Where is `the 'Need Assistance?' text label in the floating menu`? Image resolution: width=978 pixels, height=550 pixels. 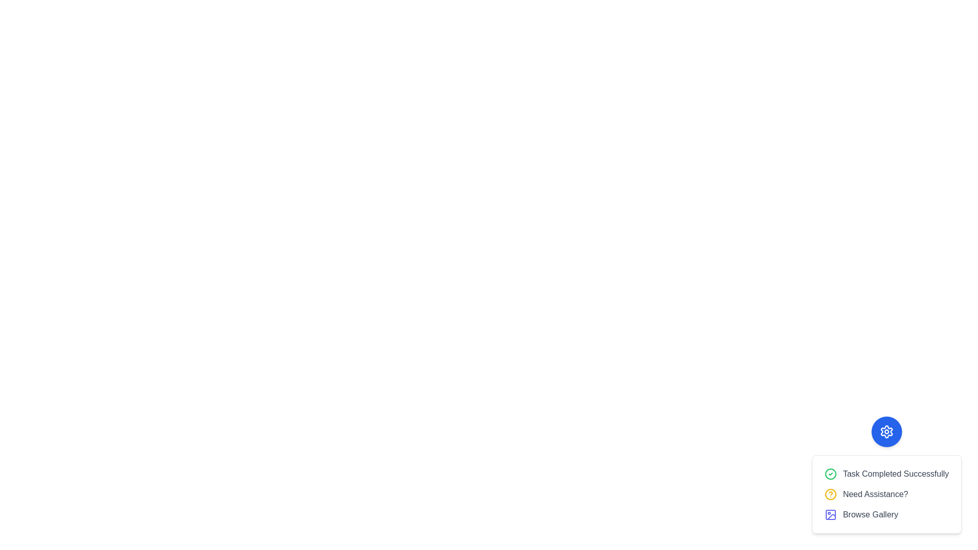
the 'Need Assistance?' text label in the floating menu is located at coordinates (875, 494).